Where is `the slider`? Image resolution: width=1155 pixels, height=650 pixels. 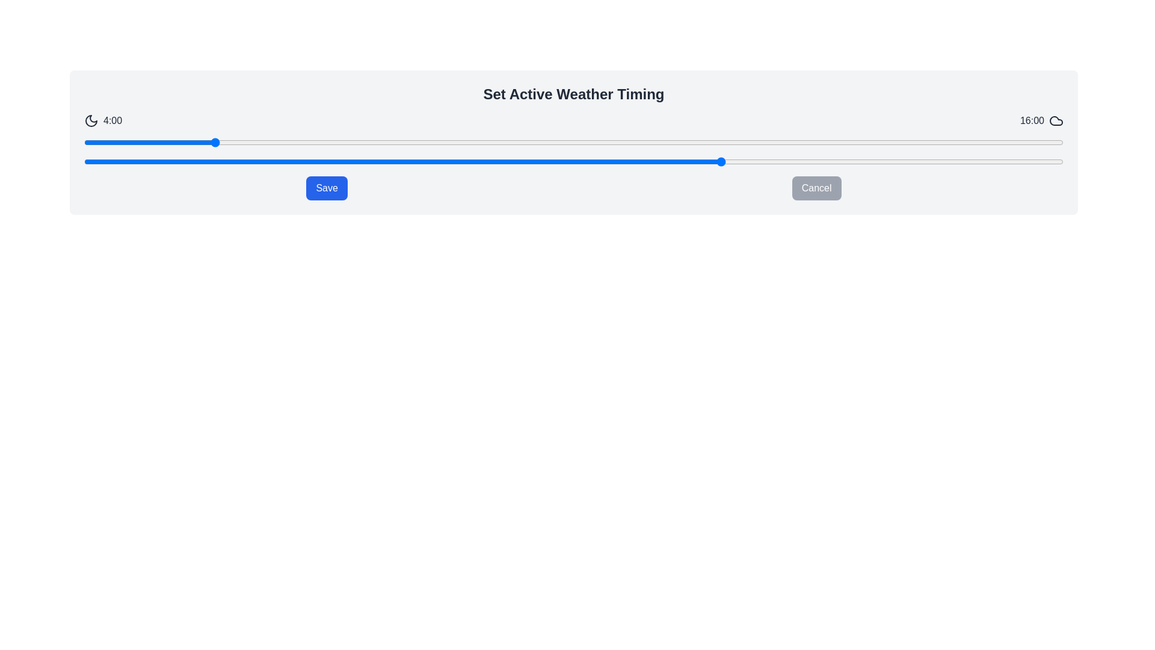
the slider is located at coordinates (978, 161).